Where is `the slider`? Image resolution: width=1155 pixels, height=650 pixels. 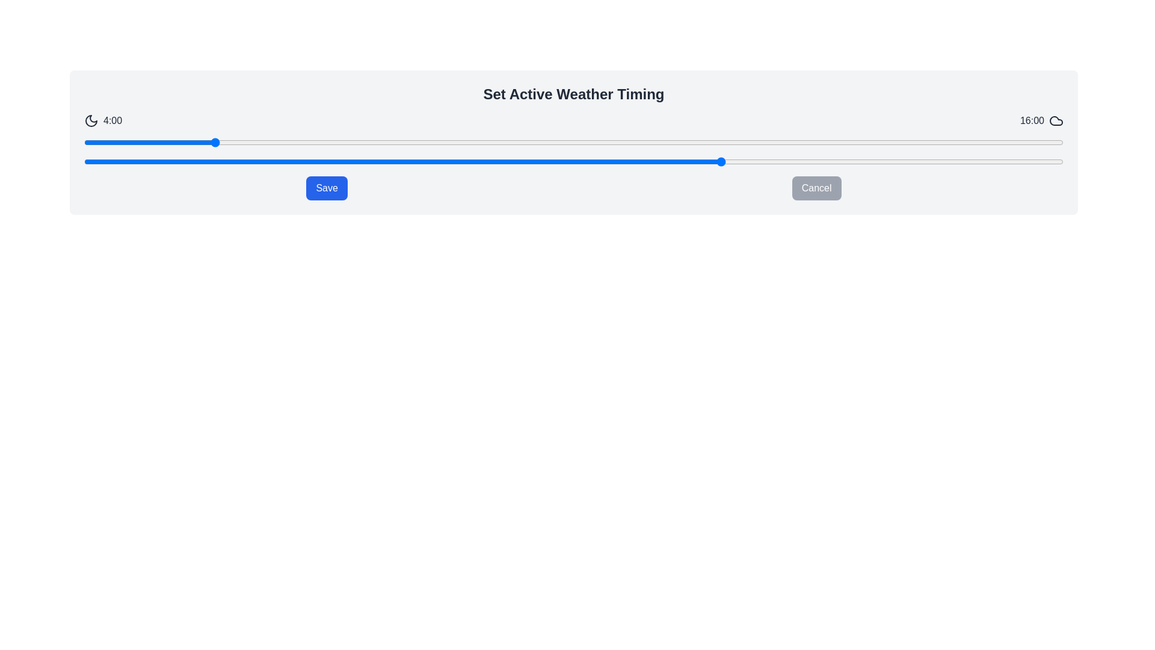
the slider is located at coordinates (978, 161).